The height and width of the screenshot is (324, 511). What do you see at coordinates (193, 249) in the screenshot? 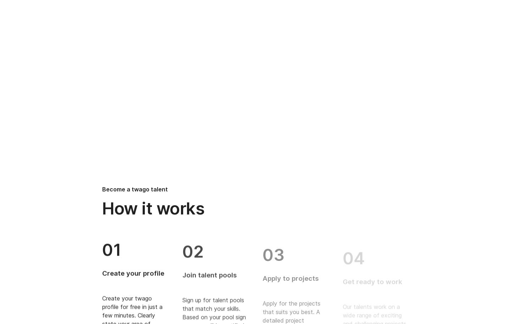
I see `'02'` at bounding box center [193, 249].